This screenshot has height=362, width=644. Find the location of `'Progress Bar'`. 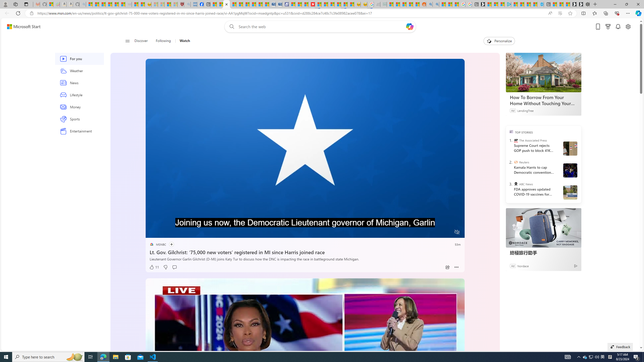

'Progress Bar' is located at coordinates (305, 225).